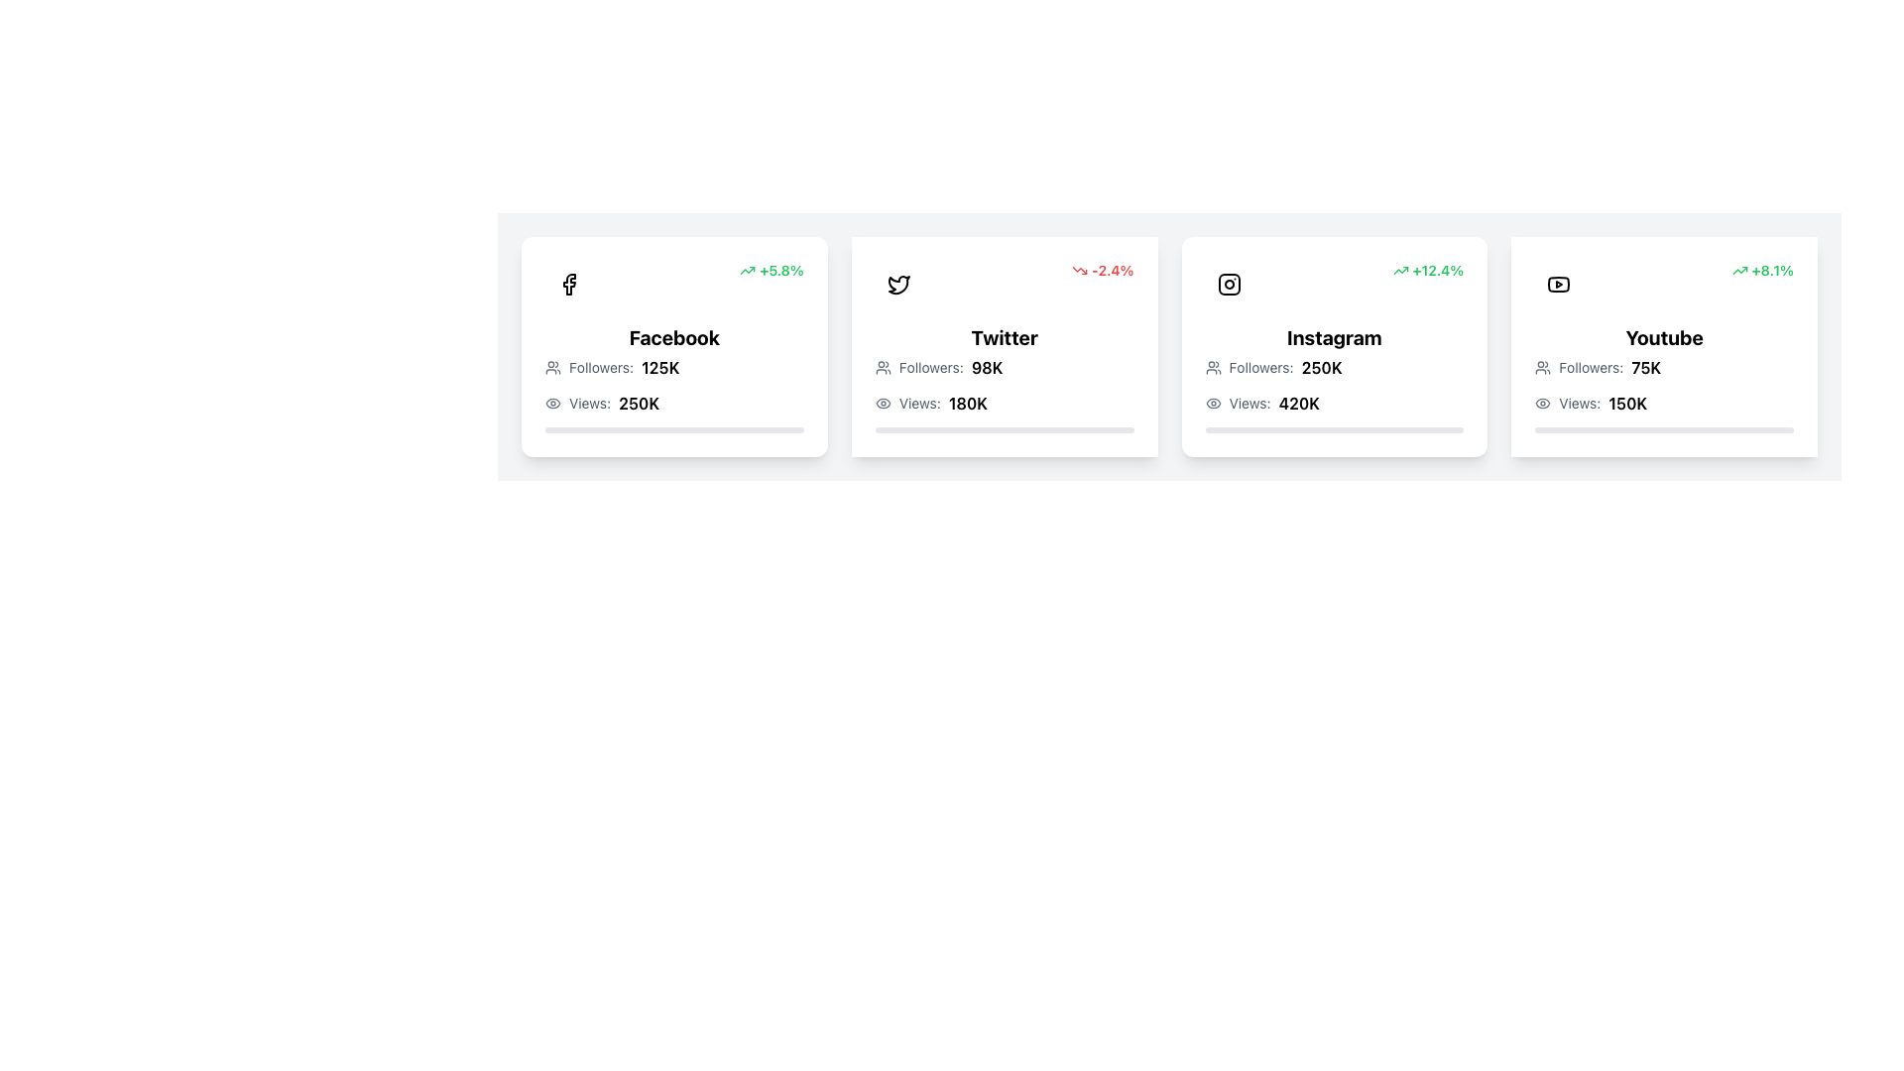 Image resolution: width=1904 pixels, height=1071 pixels. Describe the element at coordinates (1079, 271) in the screenshot. I see `trend value associated with the downward pointing red arrow icon located in the top-right portion of the Twitter card, next to the percentage value '-2.4%'` at that location.